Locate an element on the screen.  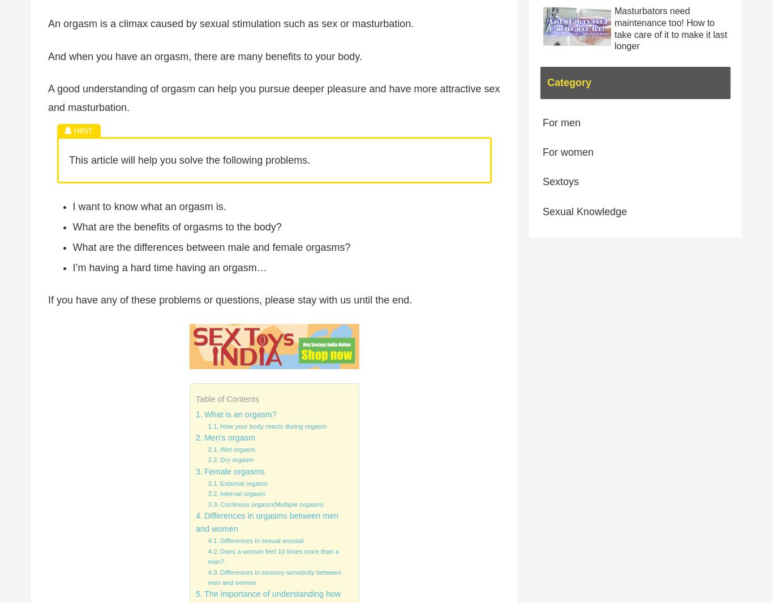
'Internal orgasm' is located at coordinates (242, 494).